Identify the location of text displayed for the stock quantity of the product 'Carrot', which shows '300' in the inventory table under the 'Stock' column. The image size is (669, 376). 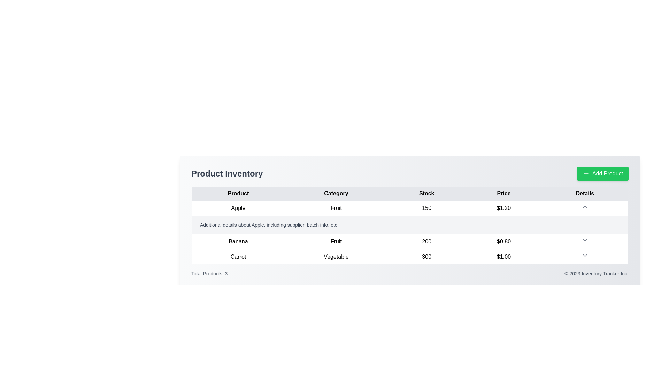
(426, 257).